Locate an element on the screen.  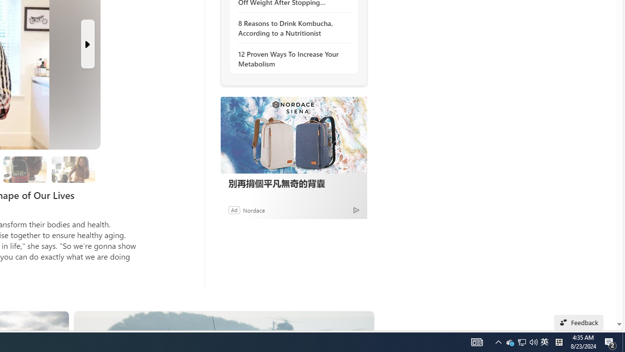
'12 Proven Ways To Increase Your Metabolism' is located at coordinates (291, 59).